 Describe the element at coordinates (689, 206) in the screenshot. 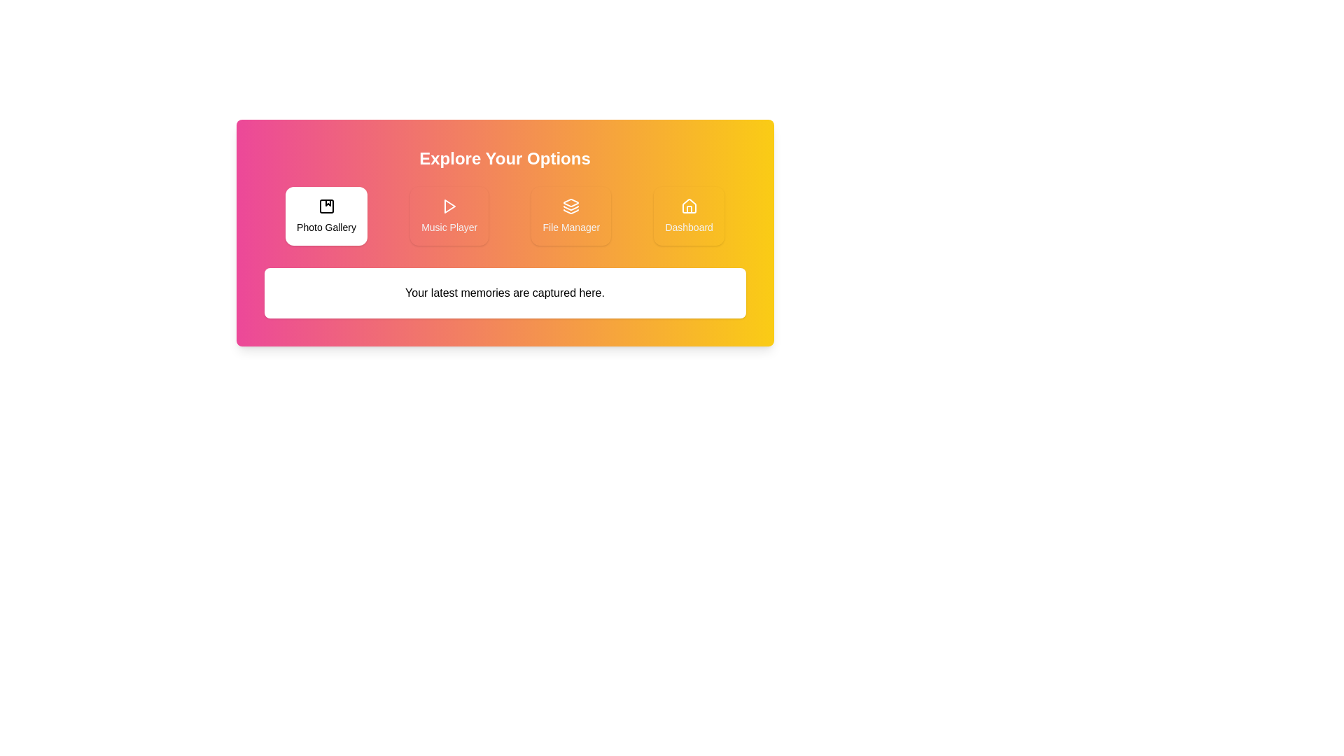

I see `the 'Dashboard' icon located on the rightmost side among the four options in the interface for informative purposes` at that location.